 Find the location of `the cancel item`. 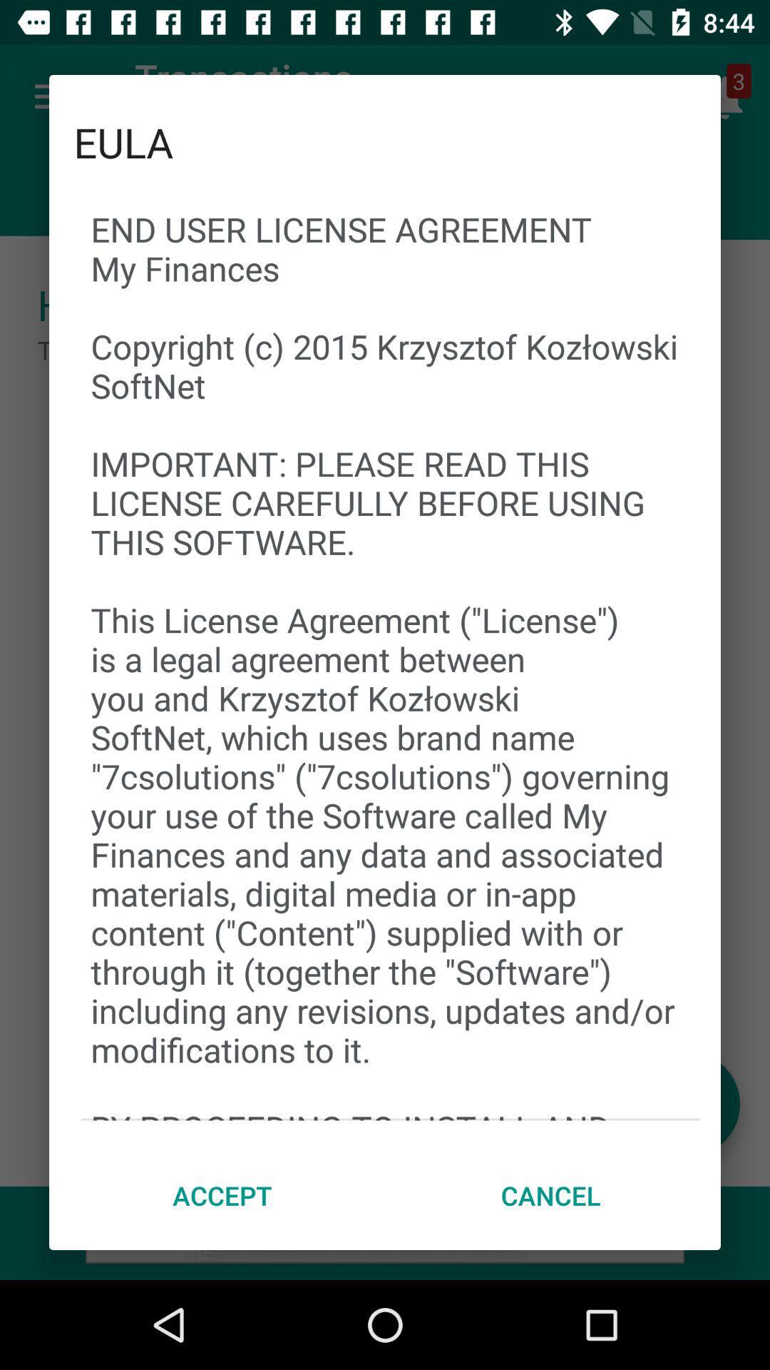

the cancel item is located at coordinates (550, 1195).